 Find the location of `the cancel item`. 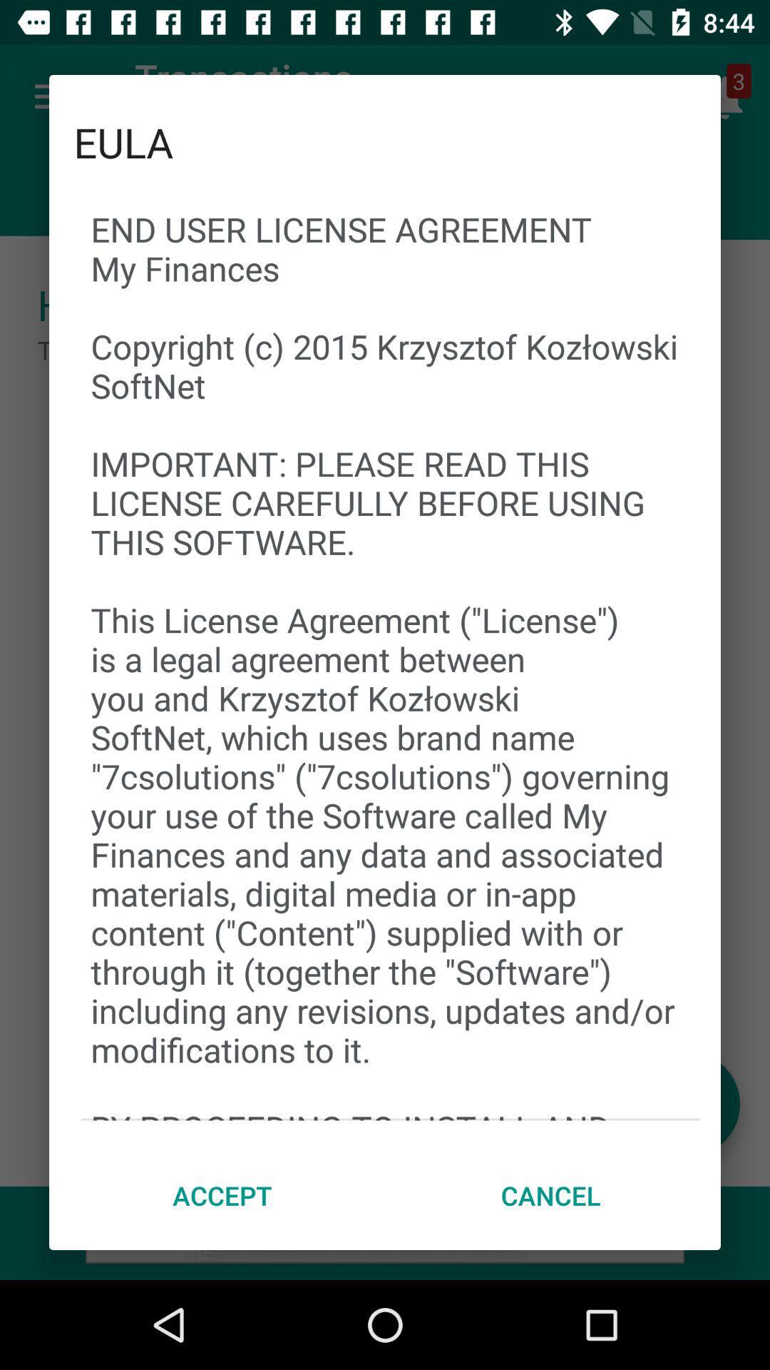

the cancel item is located at coordinates (550, 1195).